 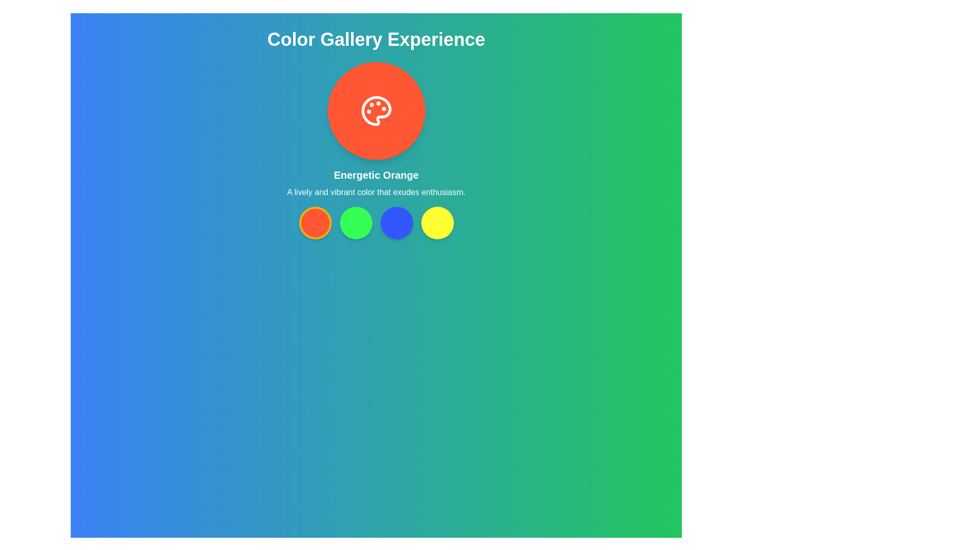 What do you see at coordinates (376, 174) in the screenshot?
I see `the text element that serves as a title or label for the color showcased in the interface, positioned below a circle-shaped icon and above a subtitle text` at bounding box center [376, 174].